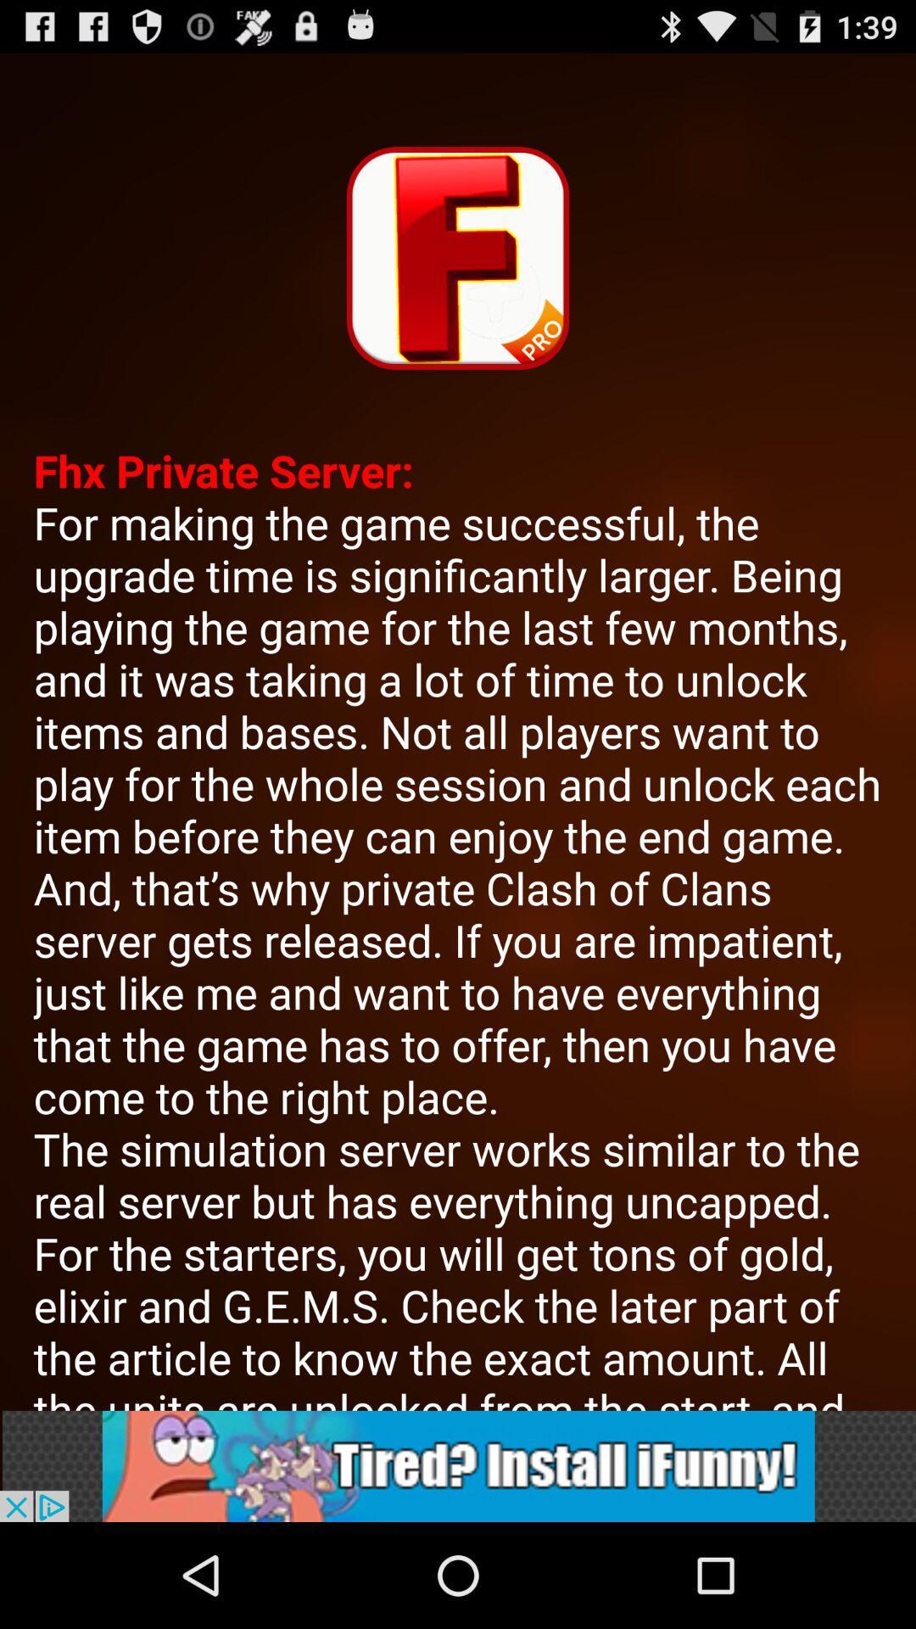 The width and height of the screenshot is (916, 1629). Describe the element at coordinates (458, 1465) in the screenshot. I see `advertisement` at that location.